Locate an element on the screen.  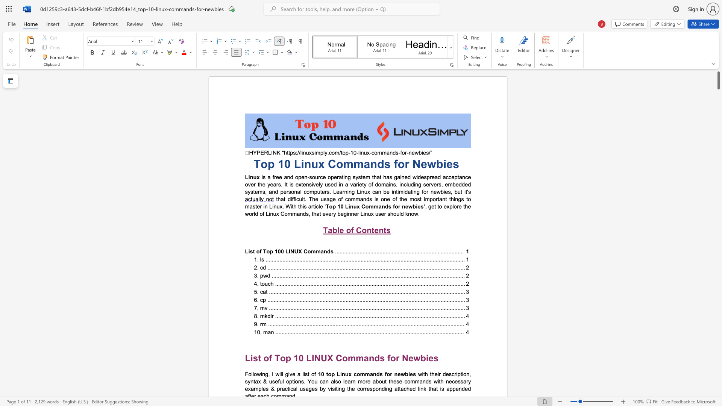
the subset text "ncluding servers, embedd" within the text "is a free and open-source operating system that has gained widespread acceptance over the years. It is extensively used in a variety of domains, including servers, embedded systems, and personal computers. Learning Linux can be intimidating for newbies, but" is located at coordinates (400, 184).